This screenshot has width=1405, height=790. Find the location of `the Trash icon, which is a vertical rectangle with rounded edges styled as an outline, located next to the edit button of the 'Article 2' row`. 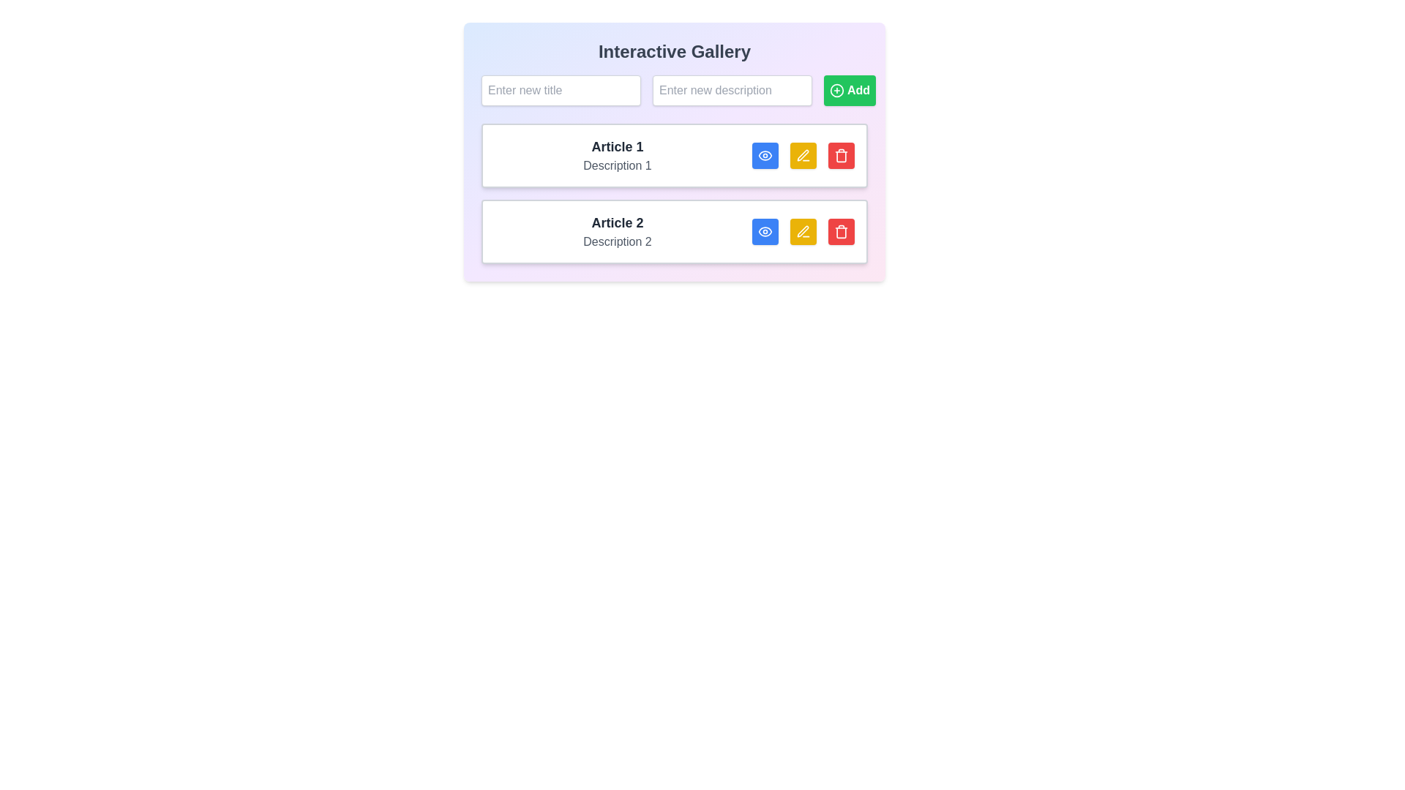

the Trash icon, which is a vertical rectangle with rounded edges styled as an outline, located next to the edit button of the 'Article 2' row is located at coordinates (842, 156).